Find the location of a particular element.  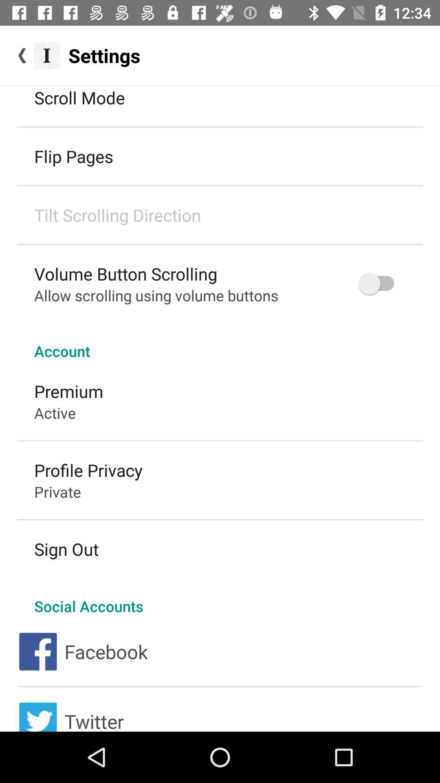

the allow scrolling using is located at coordinates (156, 295).